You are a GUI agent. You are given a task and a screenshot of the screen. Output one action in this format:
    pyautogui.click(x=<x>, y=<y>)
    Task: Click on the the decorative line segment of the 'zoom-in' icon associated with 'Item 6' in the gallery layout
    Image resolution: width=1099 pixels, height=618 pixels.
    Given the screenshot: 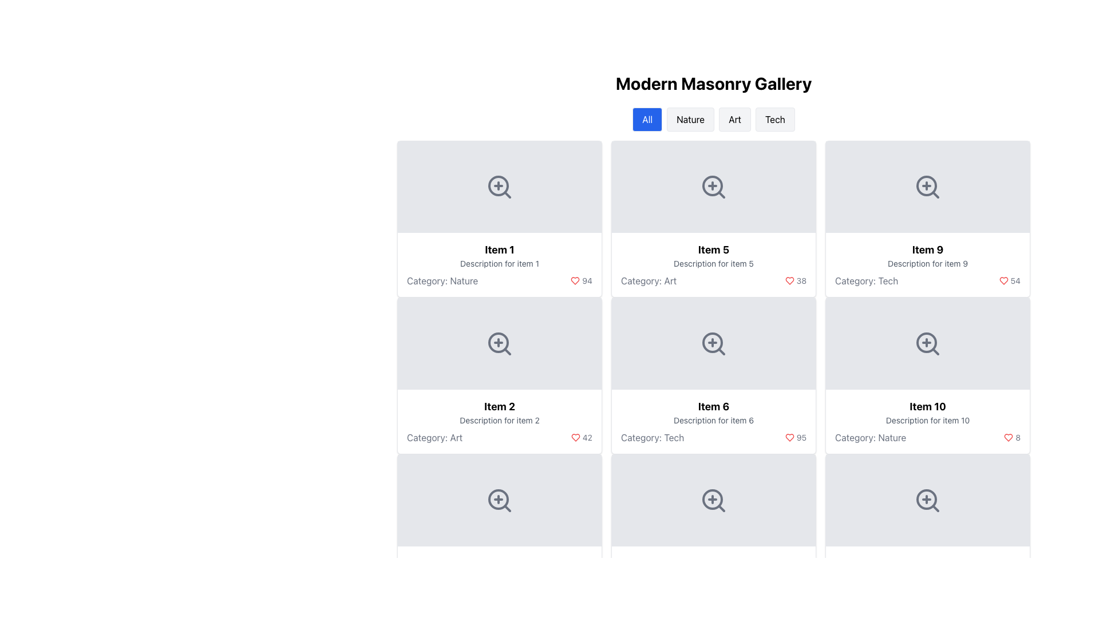 What is the action you would take?
    pyautogui.click(x=721, y=351)
    